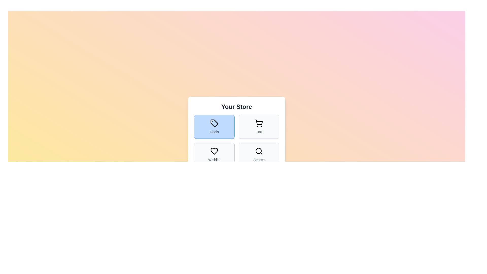  What do you see at coordinates (214, 154) in the screenshot?
I see `the tab corresponding to Wishlist to select it` at bounding box center [214, 154].